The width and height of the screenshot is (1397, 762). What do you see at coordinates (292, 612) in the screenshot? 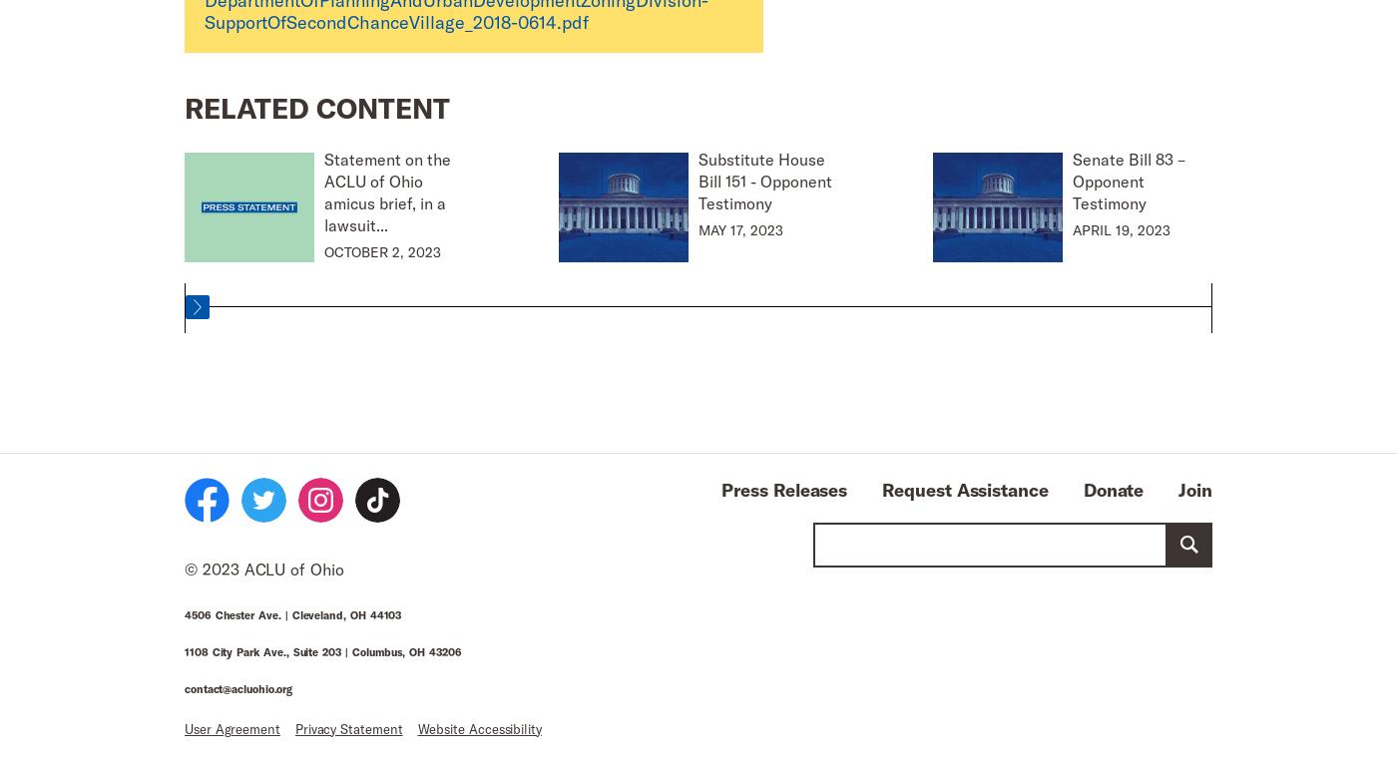
I see `'4506 Chester Ave. | Cleveland, OH 44103'` at bounding box center [292, 612].